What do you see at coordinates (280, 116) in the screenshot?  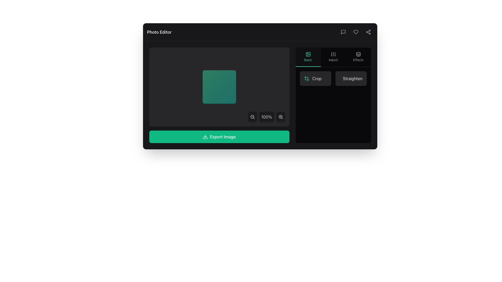 I see `the zoom-in button with a magnifying glass icon located at the bottom-right corner of the interface` at bounding box center [280, 116].